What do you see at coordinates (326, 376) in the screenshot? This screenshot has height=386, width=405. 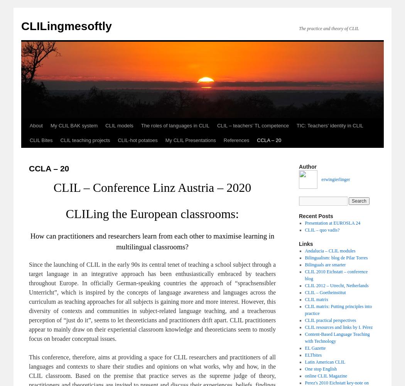 I see `'online CLIL Magazine'` at bounding box center [326, 376].